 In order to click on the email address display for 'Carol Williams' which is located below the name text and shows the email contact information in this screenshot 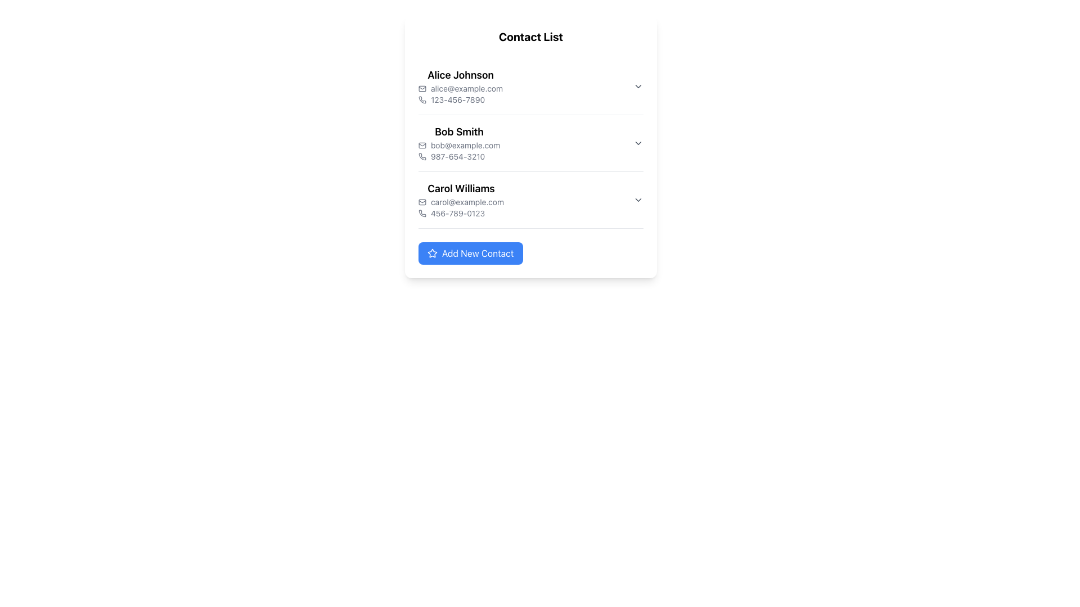, I will do `click(461, 201)`.